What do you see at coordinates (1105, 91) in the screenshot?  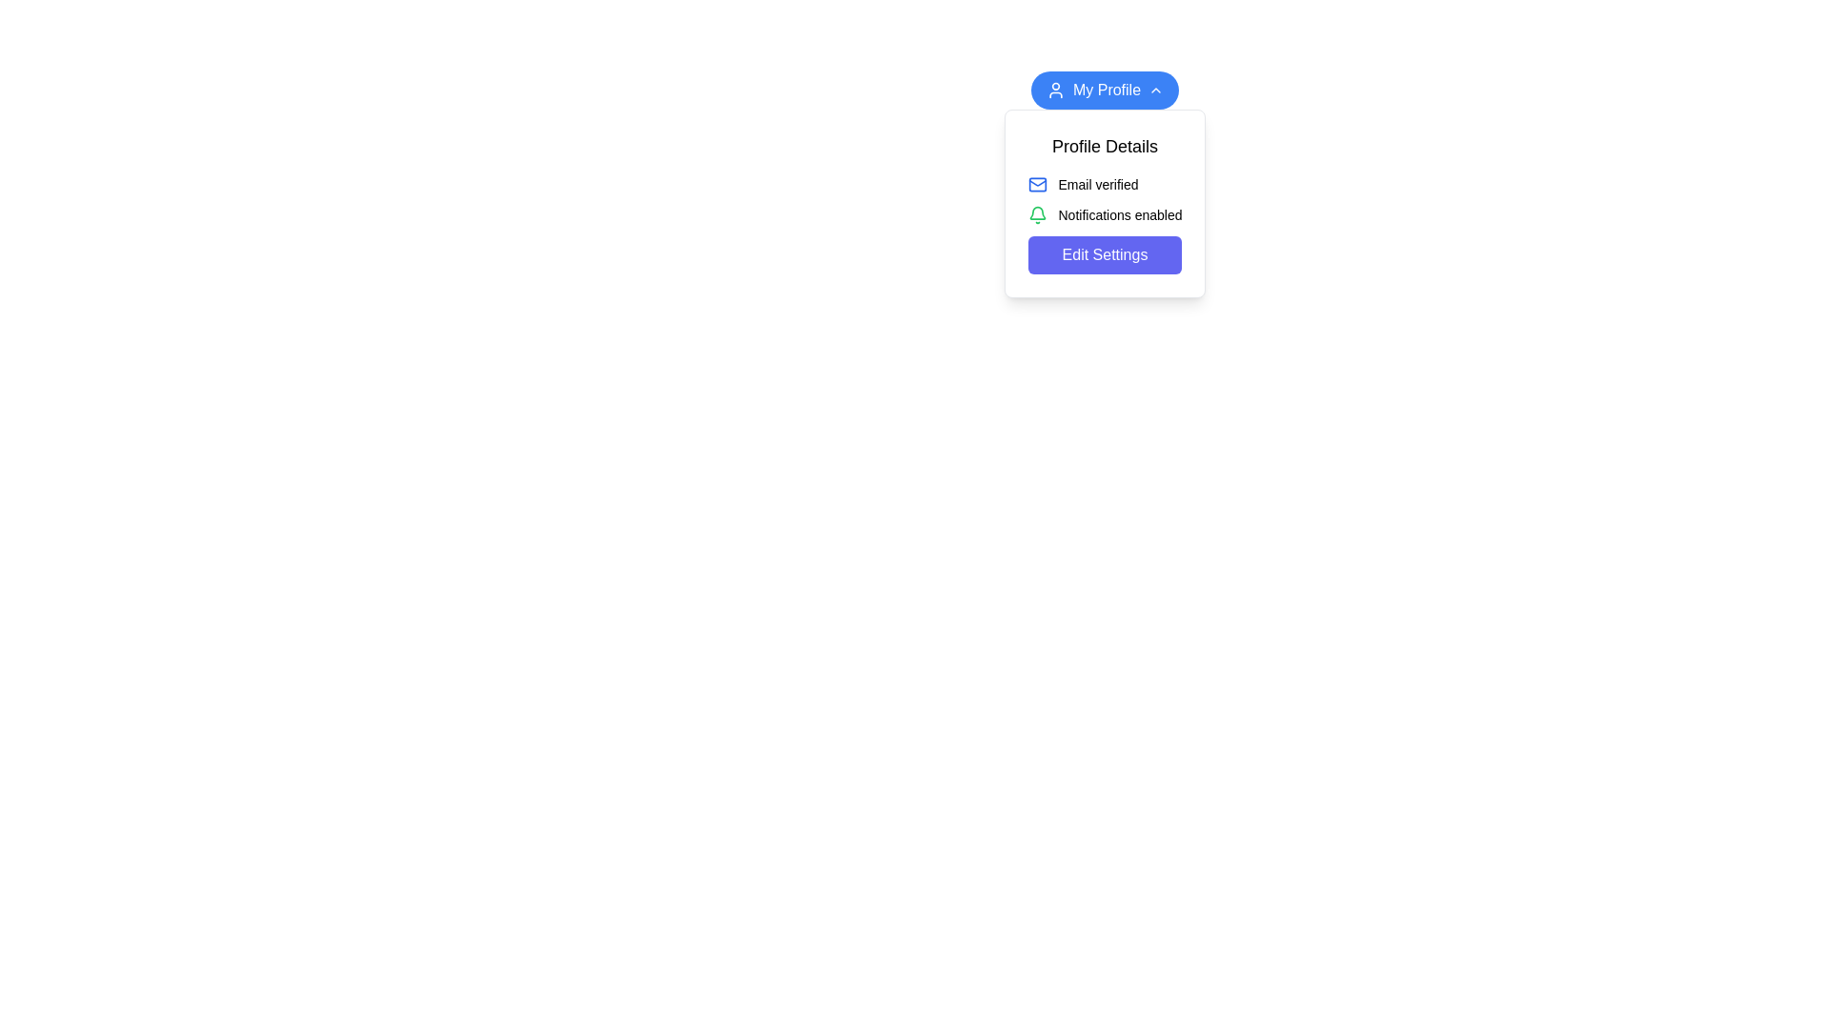 I see `the dropdown button at the top of the 'Profile Details' menu` at bounding box center [1105, 91].